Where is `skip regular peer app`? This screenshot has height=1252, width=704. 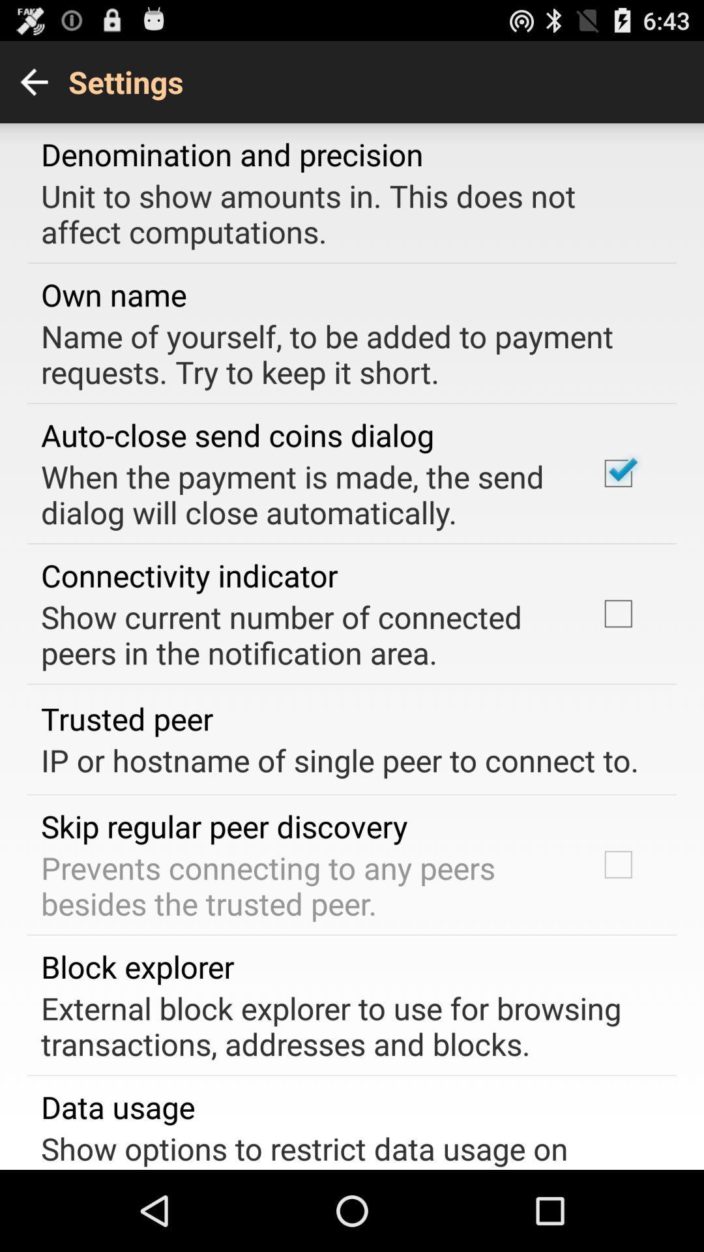
skip regular peer app is located at coordinates (224, 826).